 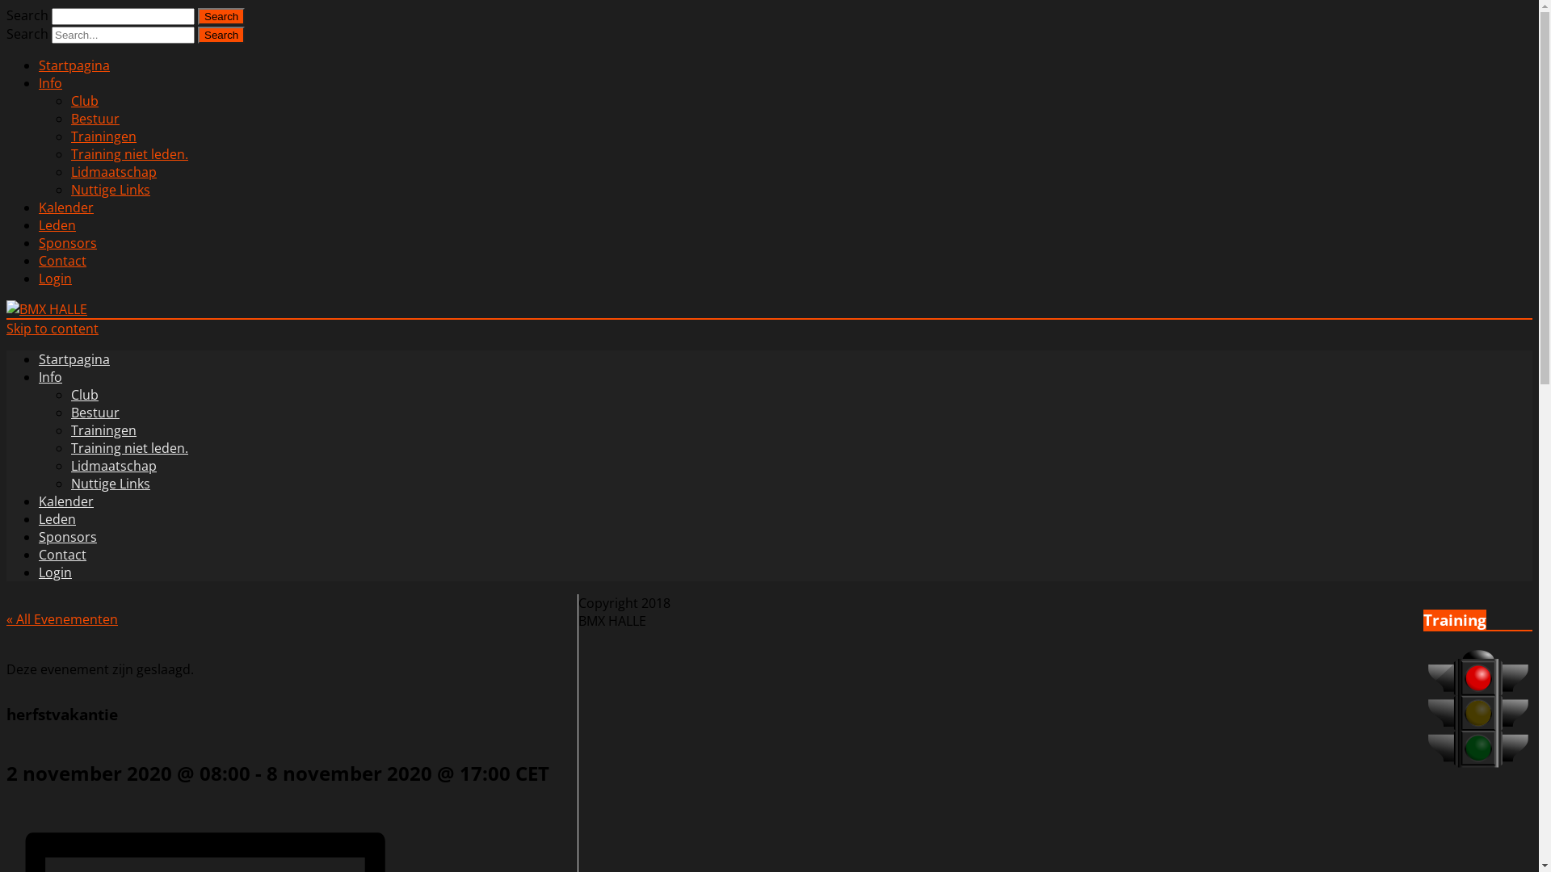 What do you see at coordinates (57, 224) in the screenshot?
I see `'Leden'` at bounding box center [57, 224].